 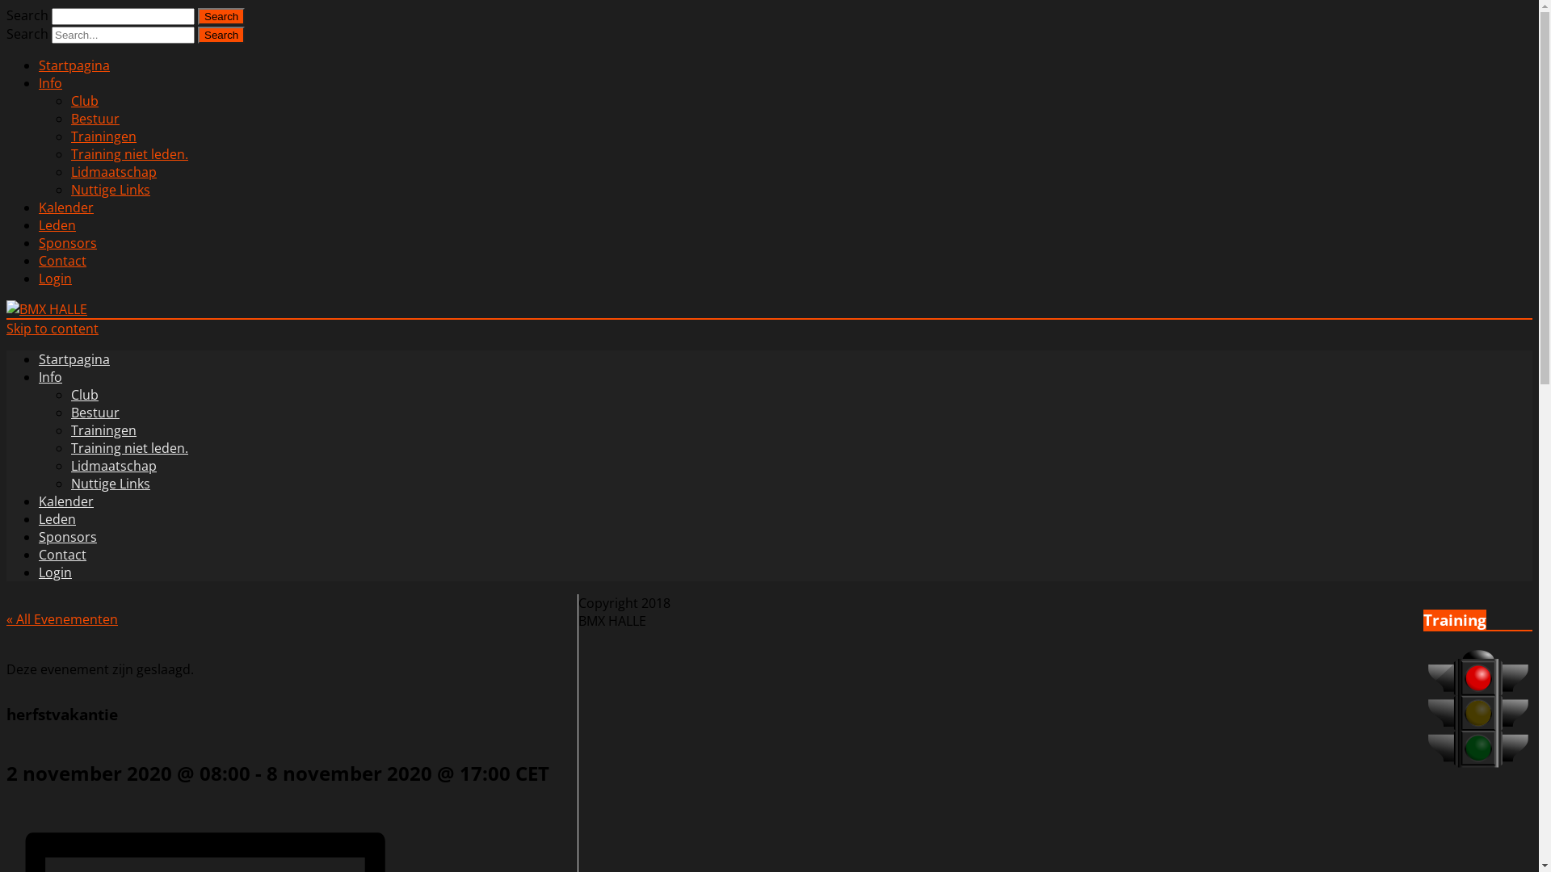 What do you see at coordinates (57, 224) in the screenshot?
I see `'Leden'` at bounding box center [57, 224].